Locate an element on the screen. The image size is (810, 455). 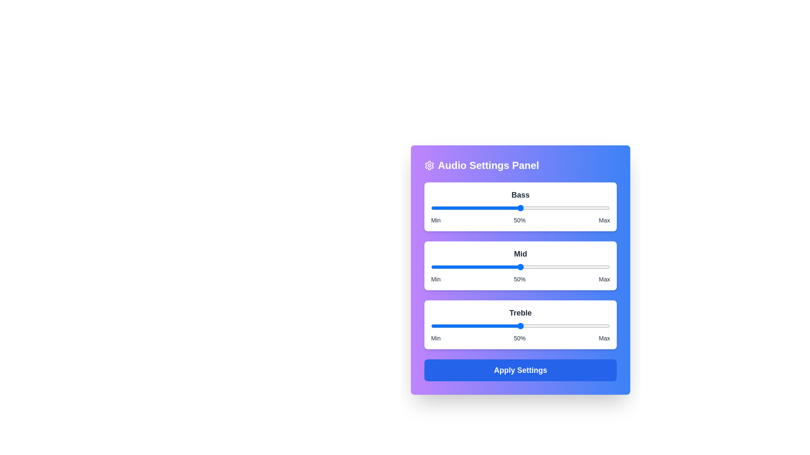
the bass level is located at coordinates (595, 208).